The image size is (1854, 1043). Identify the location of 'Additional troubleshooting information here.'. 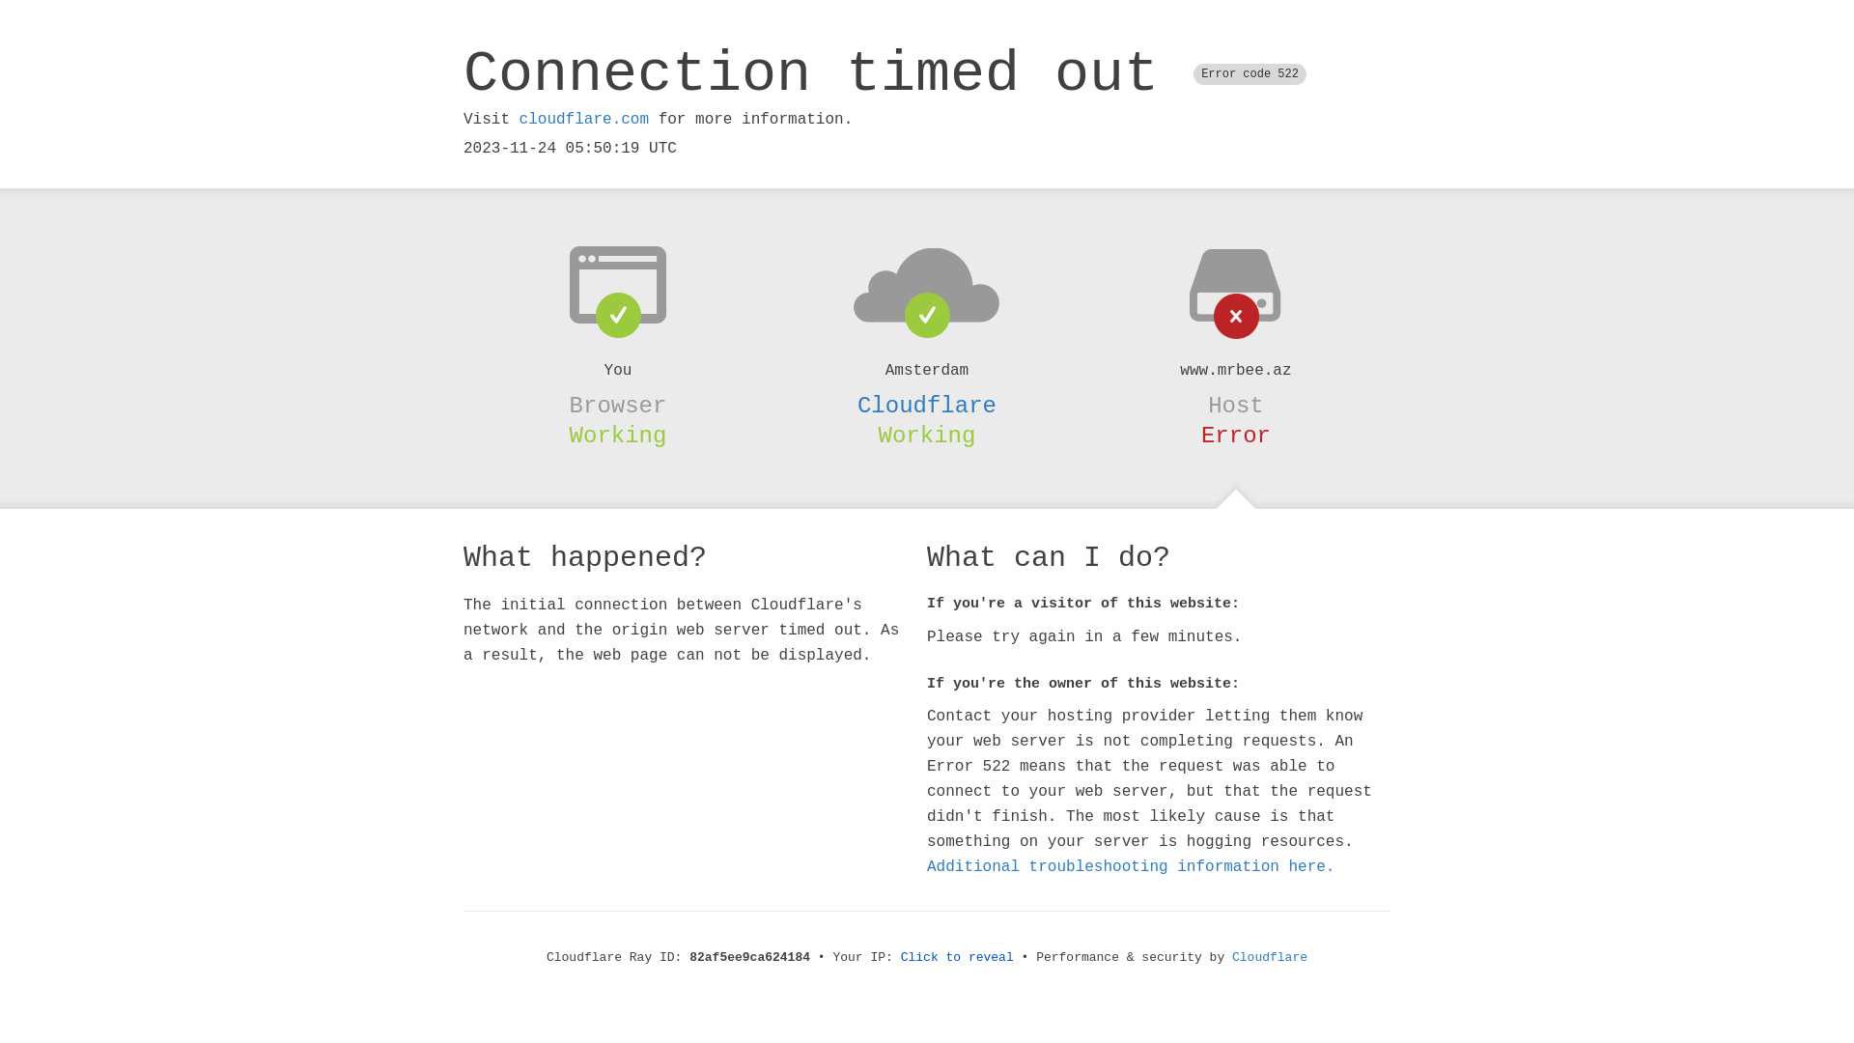
(1131, 866).